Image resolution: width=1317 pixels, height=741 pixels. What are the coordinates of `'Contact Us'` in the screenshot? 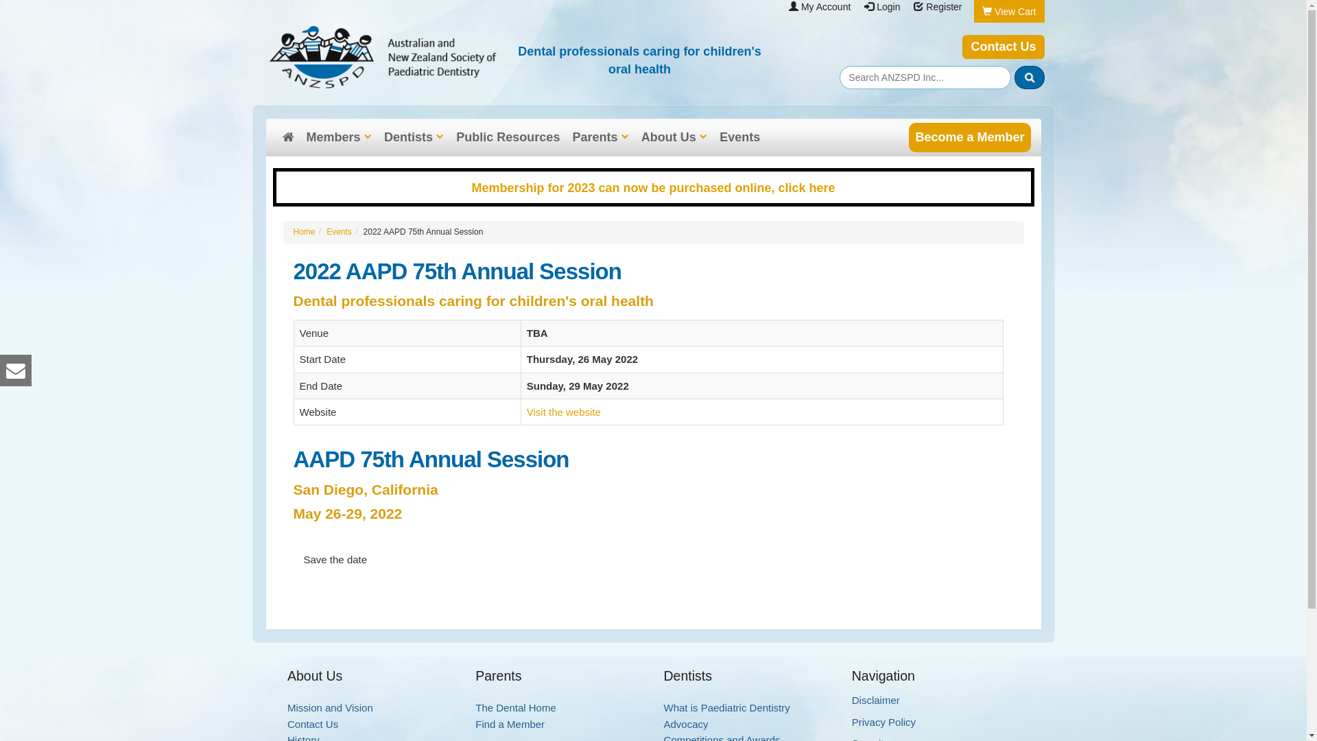 It's located at (1003, 46).